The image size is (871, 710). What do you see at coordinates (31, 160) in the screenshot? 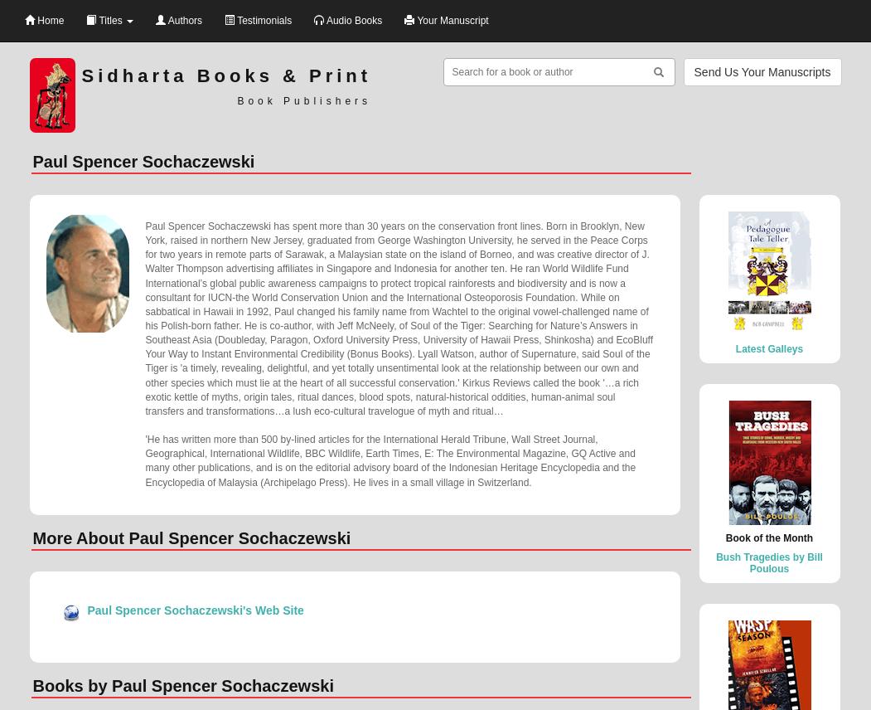
I see `'Paul Spencer Sochaczewski'` at bounding box center [31, 160].